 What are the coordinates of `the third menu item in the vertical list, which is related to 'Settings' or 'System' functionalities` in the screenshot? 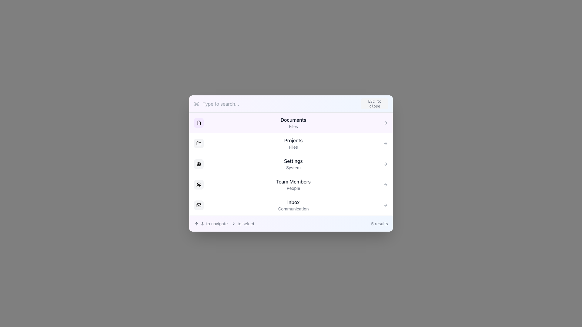 It's located at (293, 164).